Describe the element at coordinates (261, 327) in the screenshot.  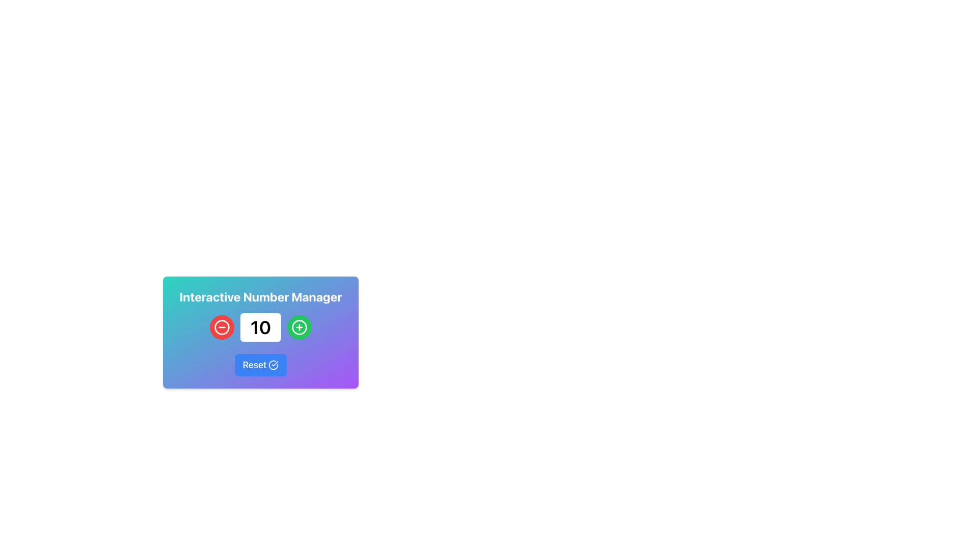
I see `the Static display information box, which indicates the current numerical value managed by the adjacent increment and decrement buttons in the 'Interactive Number Manager' section` at that location.